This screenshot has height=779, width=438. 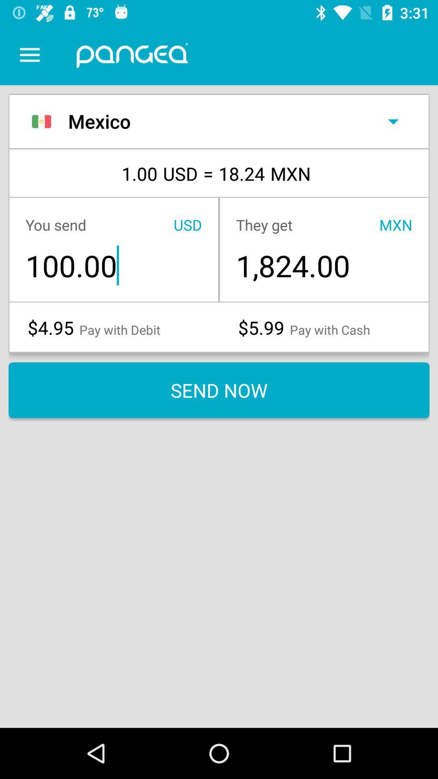 What do you see at coordinates (324, 265) in the screenshot?
I see `item above $5.99 icon` at bounding box center [324, 265].